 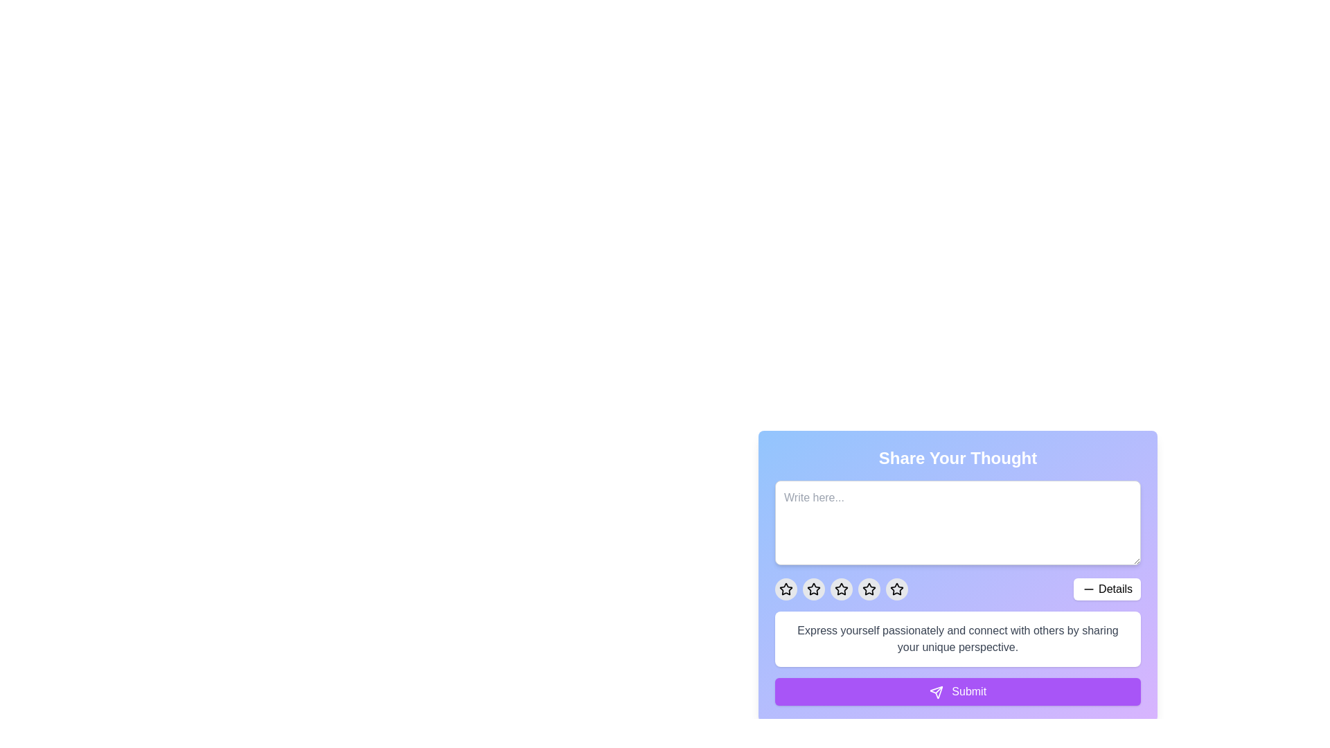 What do you see at coordinates (1088, 589) in the screenshot?
I see `the icon located inside the 'Details' button, positioned on the left side of the button adjacent to the 'Details' text` at bounding box center [1088, 589].